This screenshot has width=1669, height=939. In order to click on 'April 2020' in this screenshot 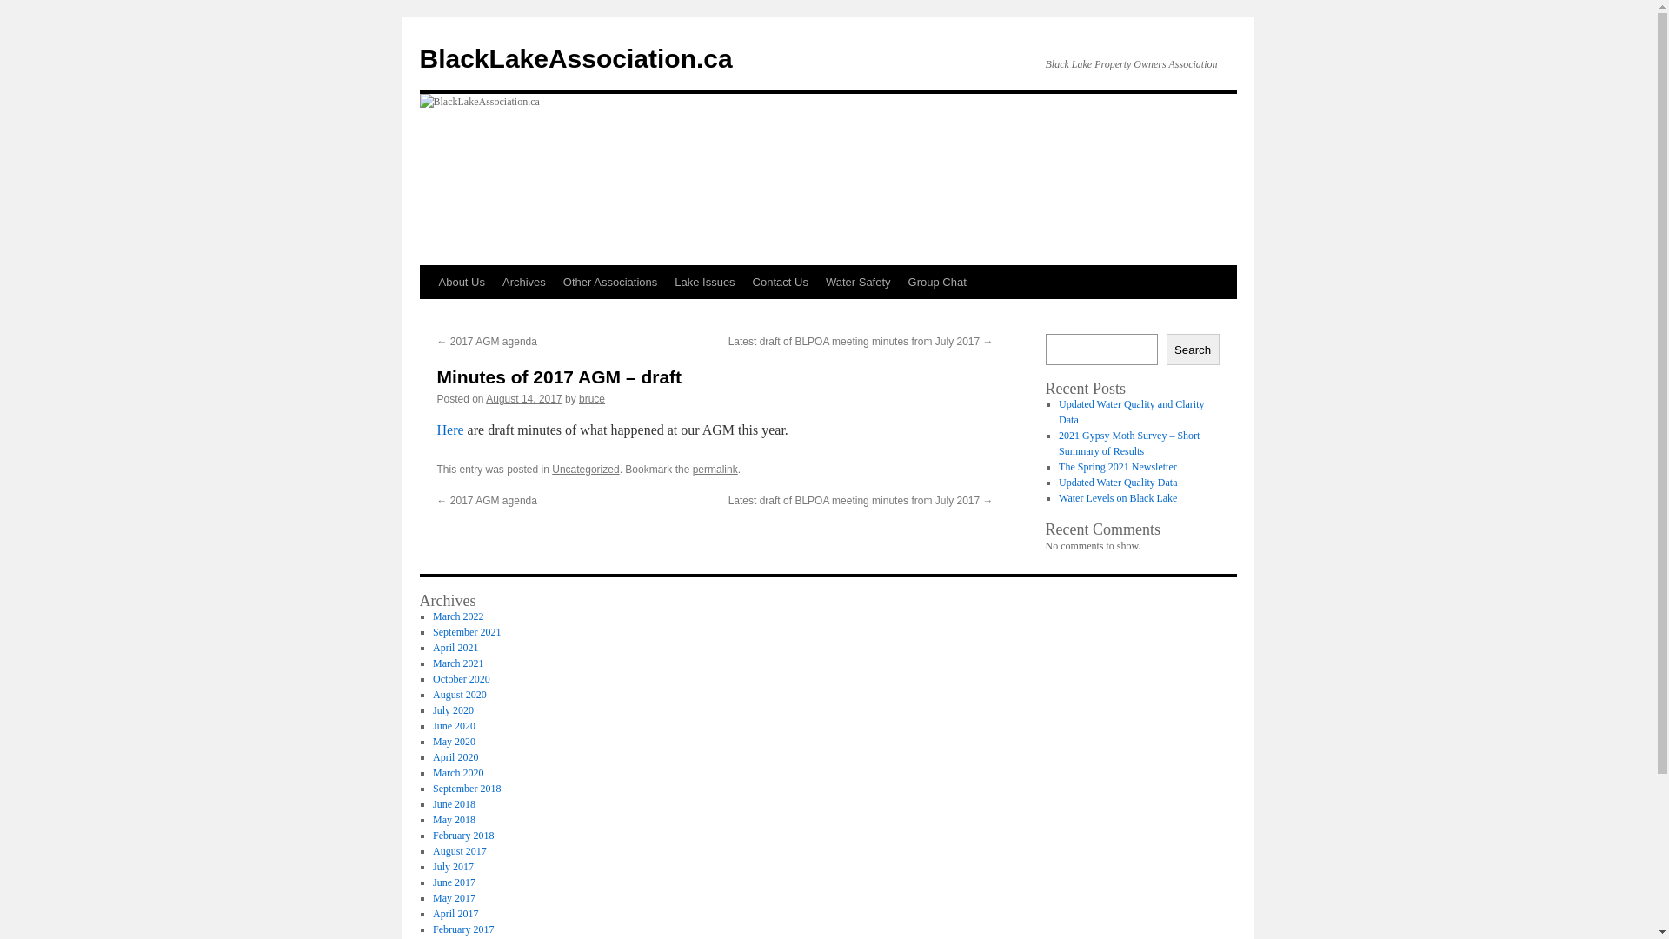, I will do `click(455, 756)`.